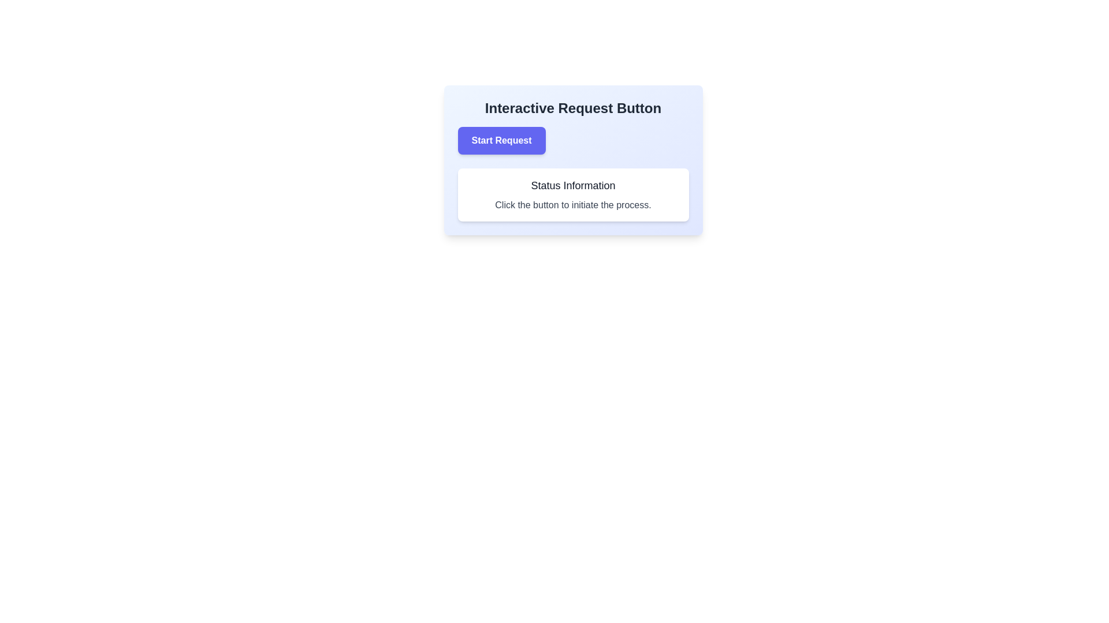 This screenshot has height=623, width=1109. Describe the element at coordinates (501, 140) in the screenshot. I see `the 'Start Request' button, which is a rectangular button with rounded corners and an indigo background` at that location.